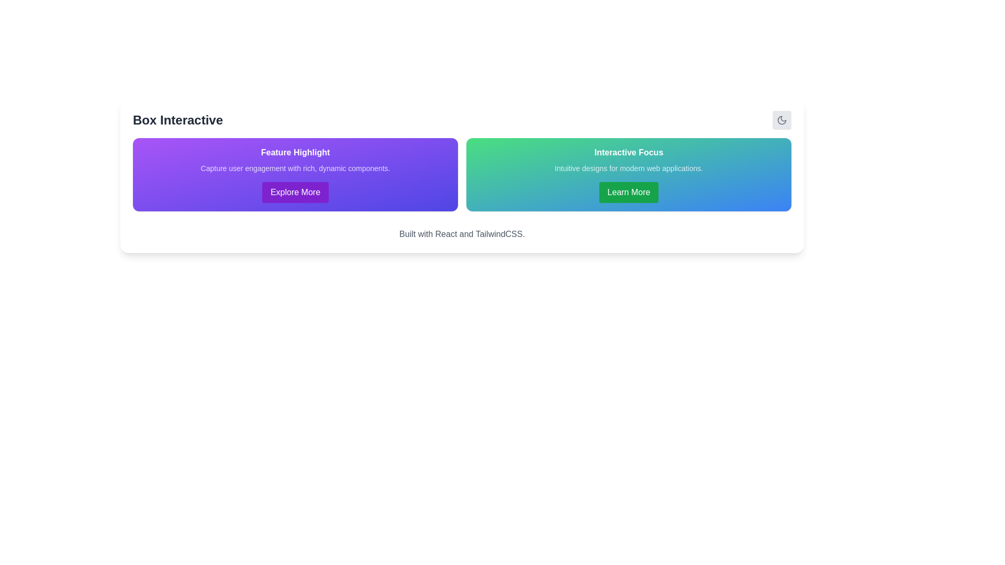  What do you see at coordinates (781, 120) in the screenshot?
I see `the moon icon located in the top-right corner of the main interactive layout card, which serves as a visual cue for night or dark mode settings` at bounding box center [781, 120].